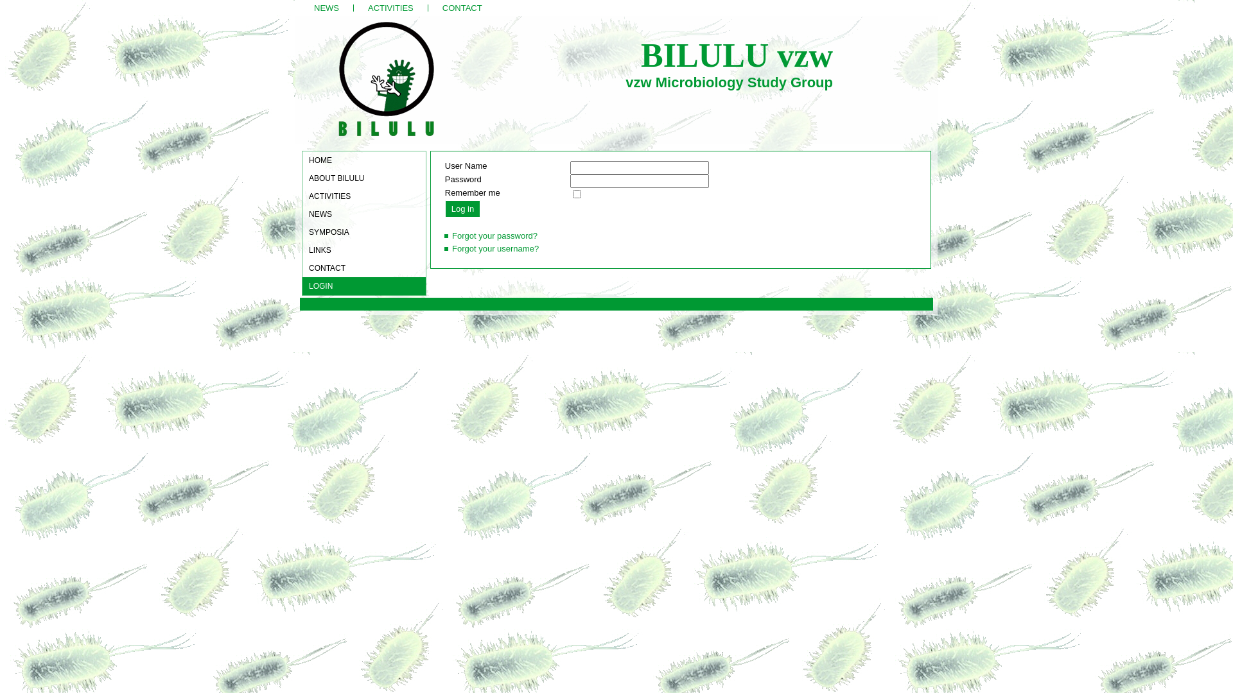  I want to click on 'CONTACT', so click(363, 267).